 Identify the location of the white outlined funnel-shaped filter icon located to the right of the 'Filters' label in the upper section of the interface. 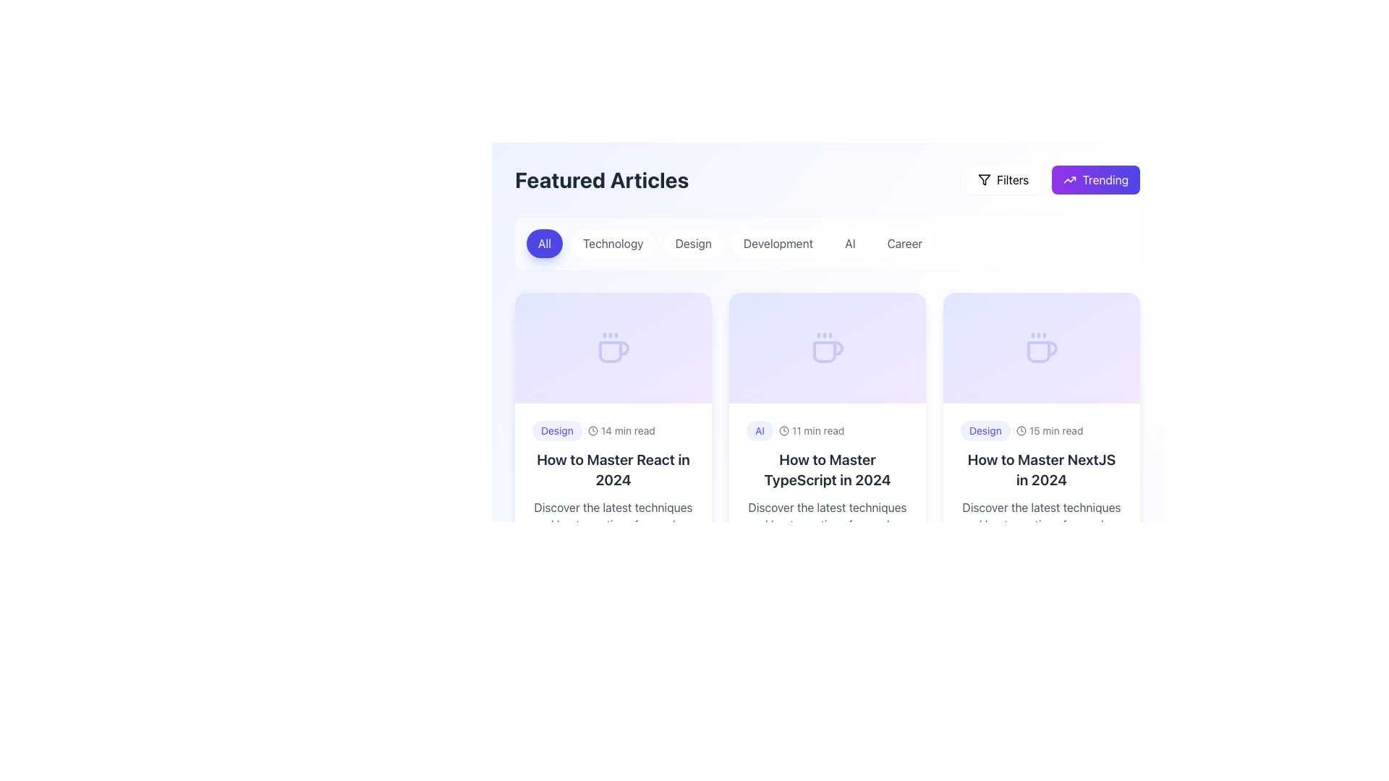
(984, 179).